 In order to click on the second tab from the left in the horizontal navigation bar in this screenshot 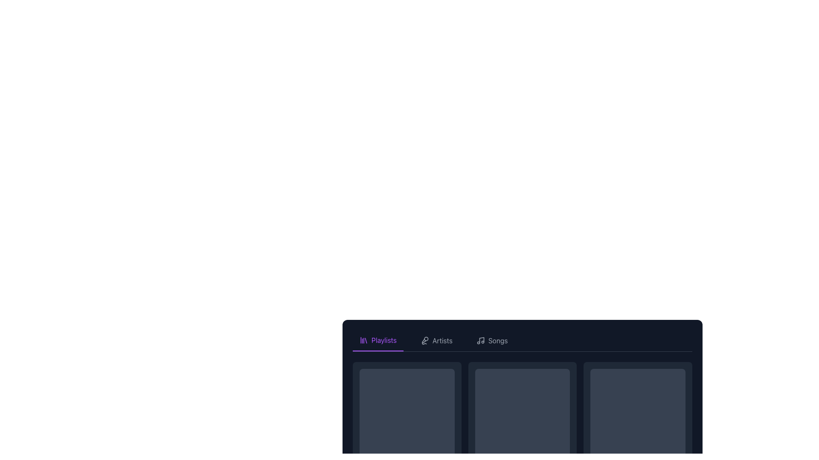, I will do `click(436, 340)`.